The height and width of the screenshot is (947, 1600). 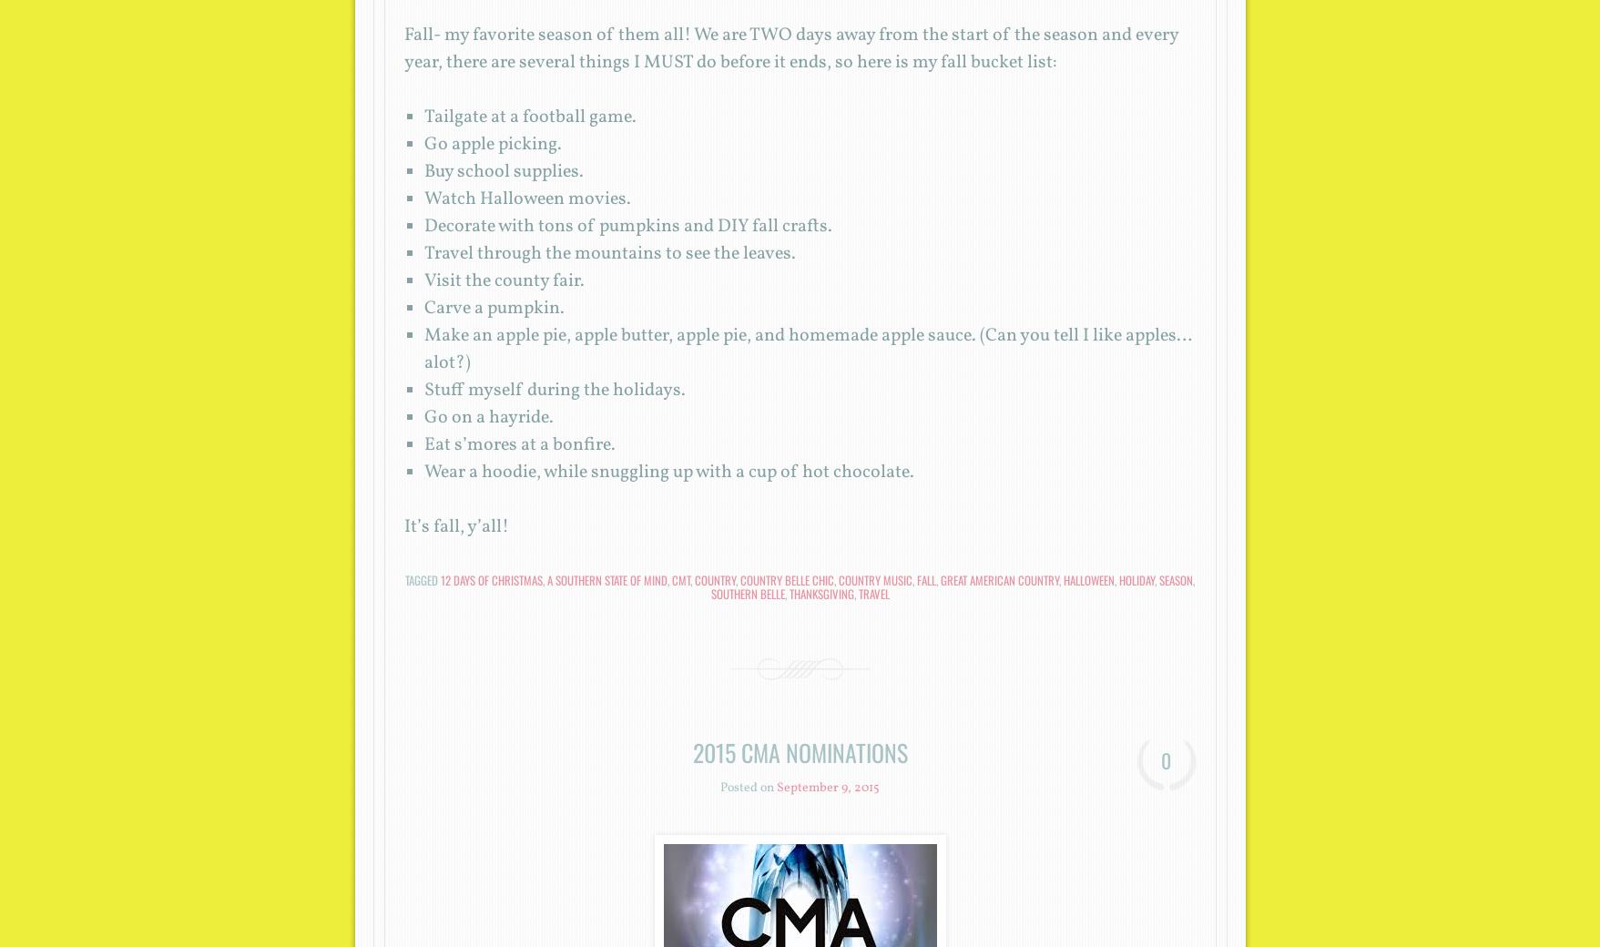 What do you see at coordinates (440, 579) in the screenshot?
I see `'12 days of Christmas'` at bounding box center [440, 579].